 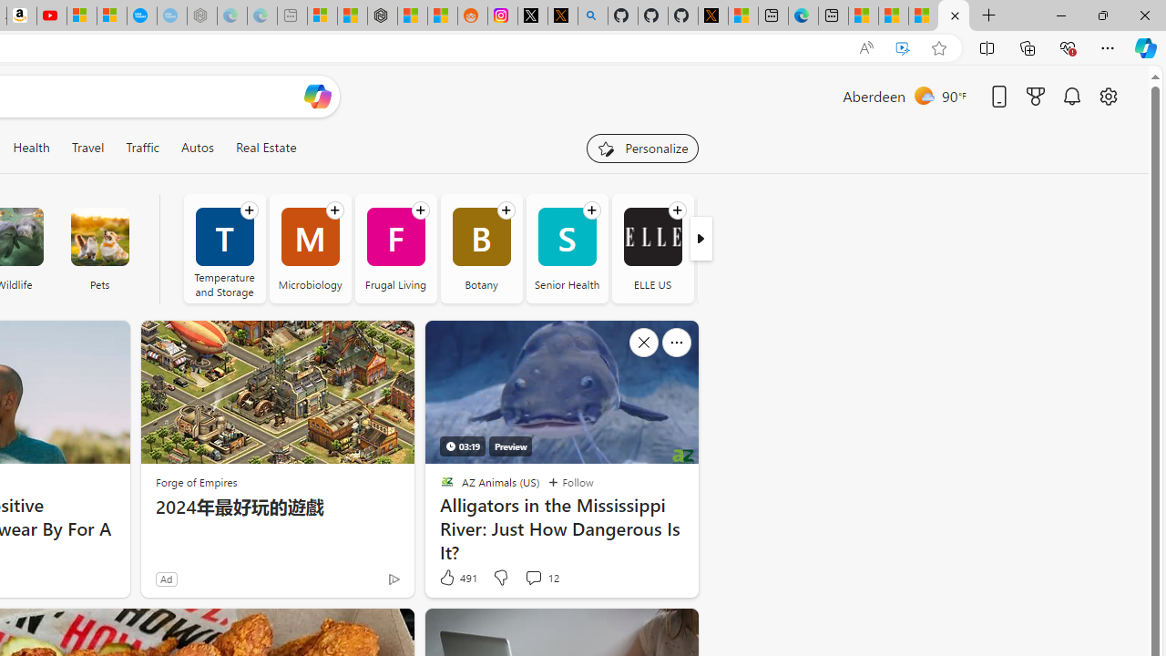 What do you see at coordinates (532, 577) in the screenshot?
I see `'View comments 12 Comment'` at bounding box center [532, 577].